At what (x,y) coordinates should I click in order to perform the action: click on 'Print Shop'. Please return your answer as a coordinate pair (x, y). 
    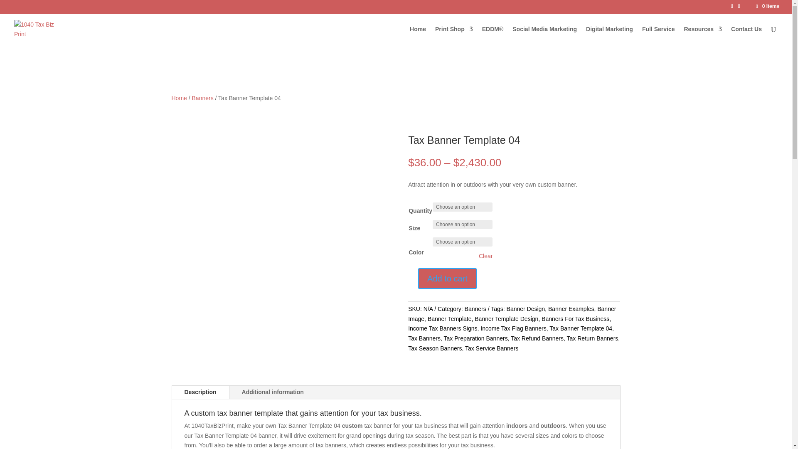
    Looking at the image, I should click on (453, 35).